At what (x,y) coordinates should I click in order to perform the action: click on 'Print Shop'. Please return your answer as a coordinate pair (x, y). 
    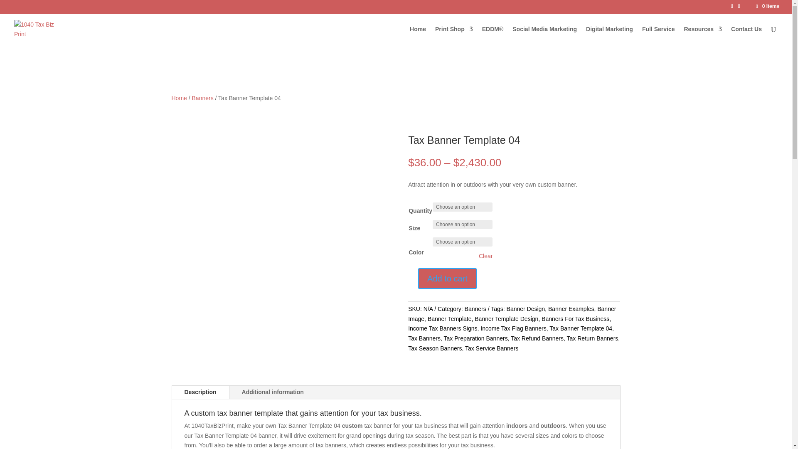
    Looking at the image, I should click on (453, 35).